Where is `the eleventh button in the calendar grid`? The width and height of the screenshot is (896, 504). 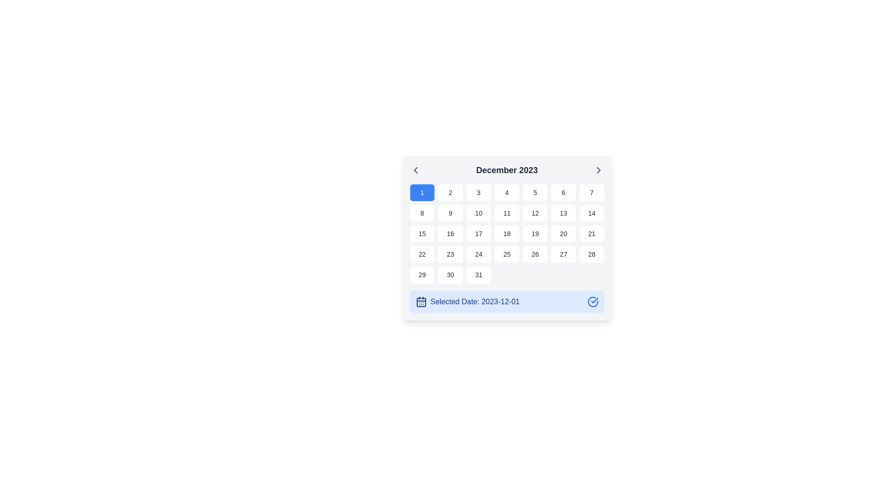 the eleventh button in the calendar grid is located at coordinates (506, 213).